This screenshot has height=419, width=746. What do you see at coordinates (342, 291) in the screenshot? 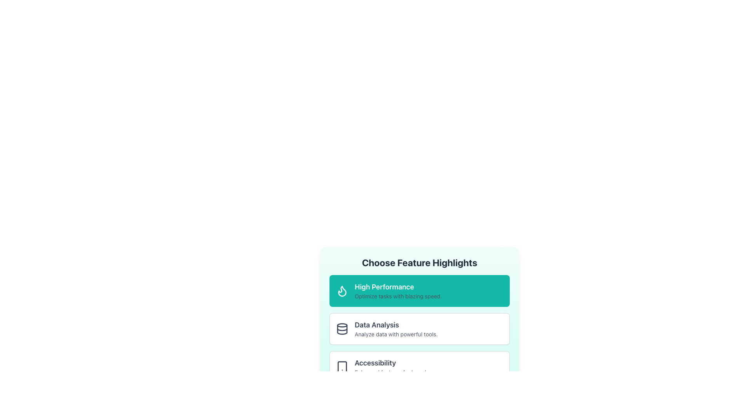
I see `the 'High Performance' icon located to the left of the text 'High Performance' in the first feature block` at bounding box center [342, 291].